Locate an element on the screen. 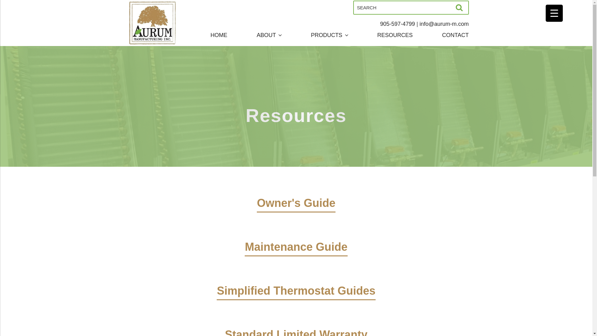  'Maintenance Guide' is located at coordinates (244, 256).